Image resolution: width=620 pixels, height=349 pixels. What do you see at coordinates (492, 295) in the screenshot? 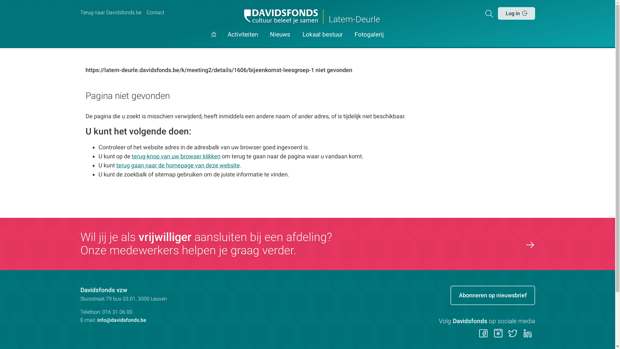
I see `'Abonneren op nieuwsbrief'` at bounding box center [492, 295].